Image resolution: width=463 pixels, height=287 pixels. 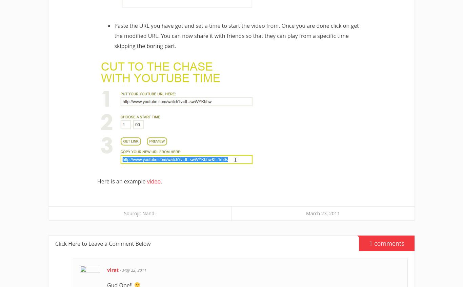 What do you see at coordinates (146, 181) in the screenshot?
I see `'video'` at bounding box center [146, 181].